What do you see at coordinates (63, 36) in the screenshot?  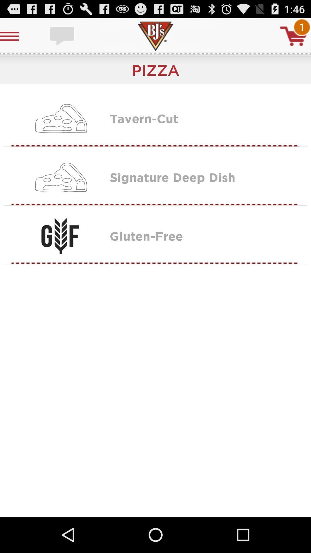 I see `inbox` at bounding box center [63, 36].